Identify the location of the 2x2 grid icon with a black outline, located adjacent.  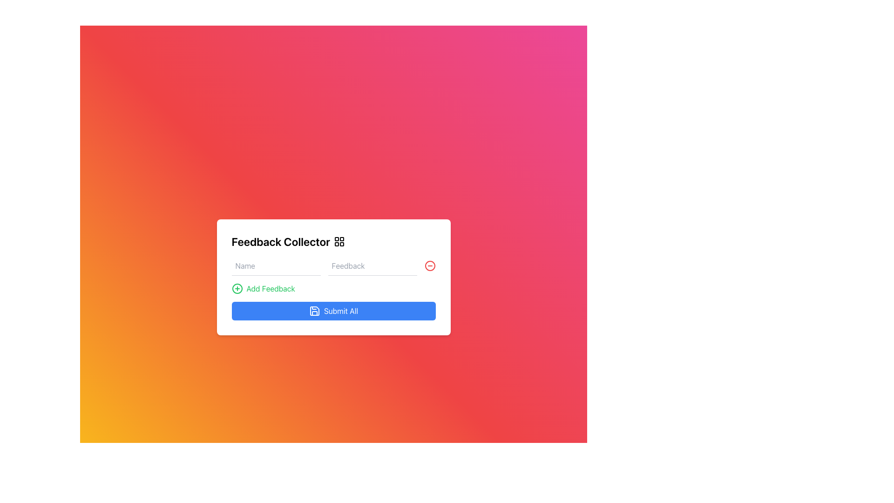
(339, 241).